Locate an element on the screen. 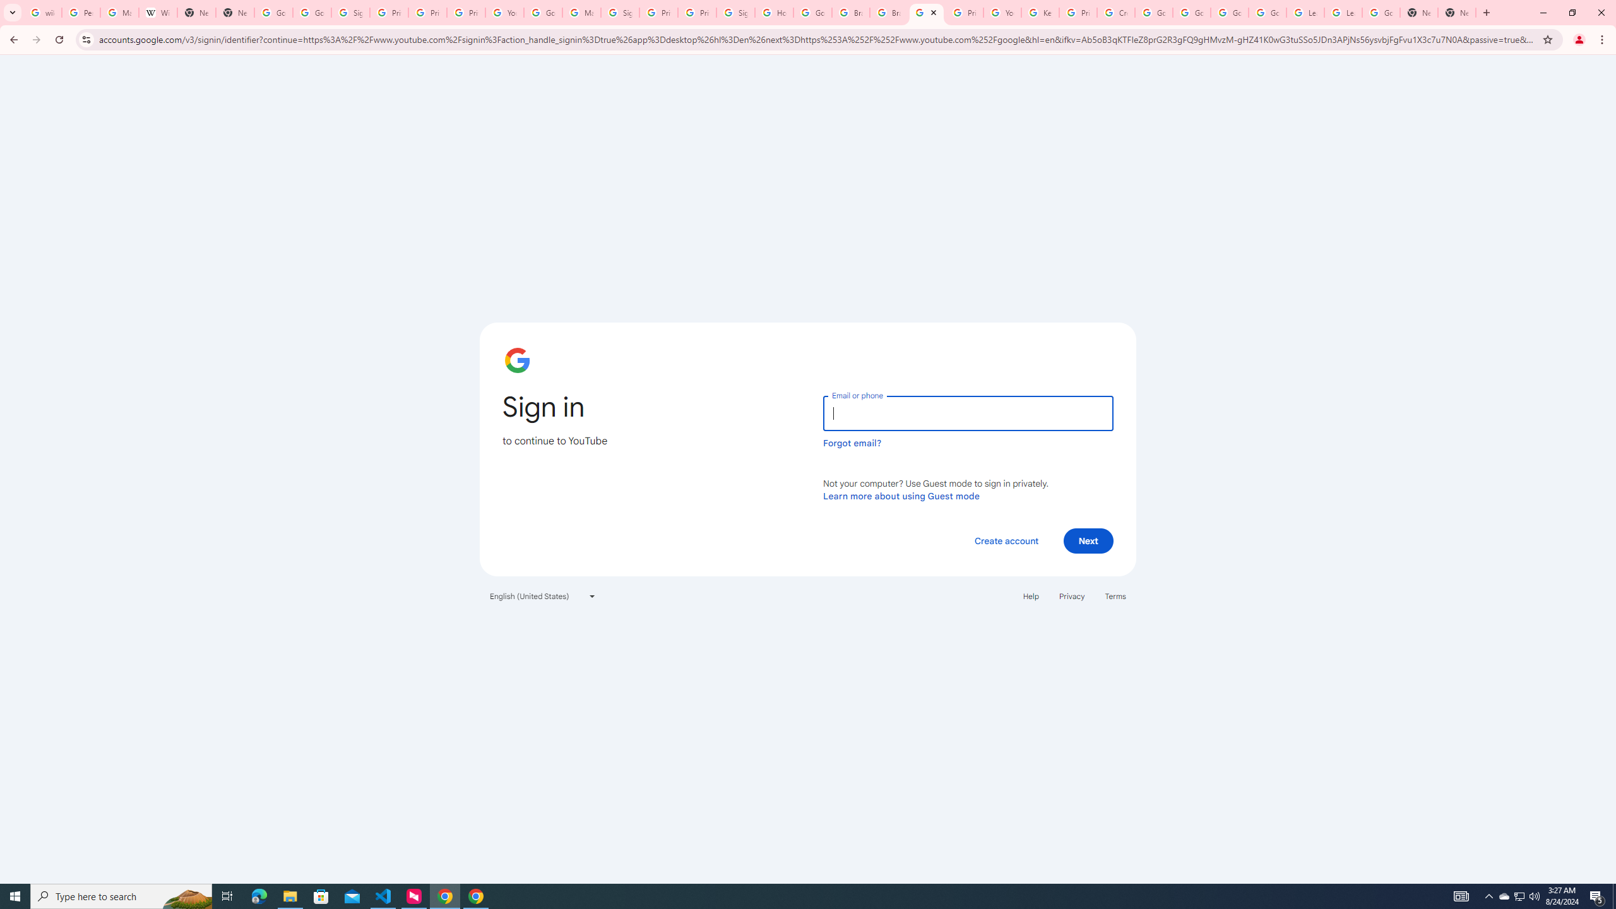 This screenshot has width=1616, height=909. 'Google Drive: Sign-in' is located at coordinates (312, 12).